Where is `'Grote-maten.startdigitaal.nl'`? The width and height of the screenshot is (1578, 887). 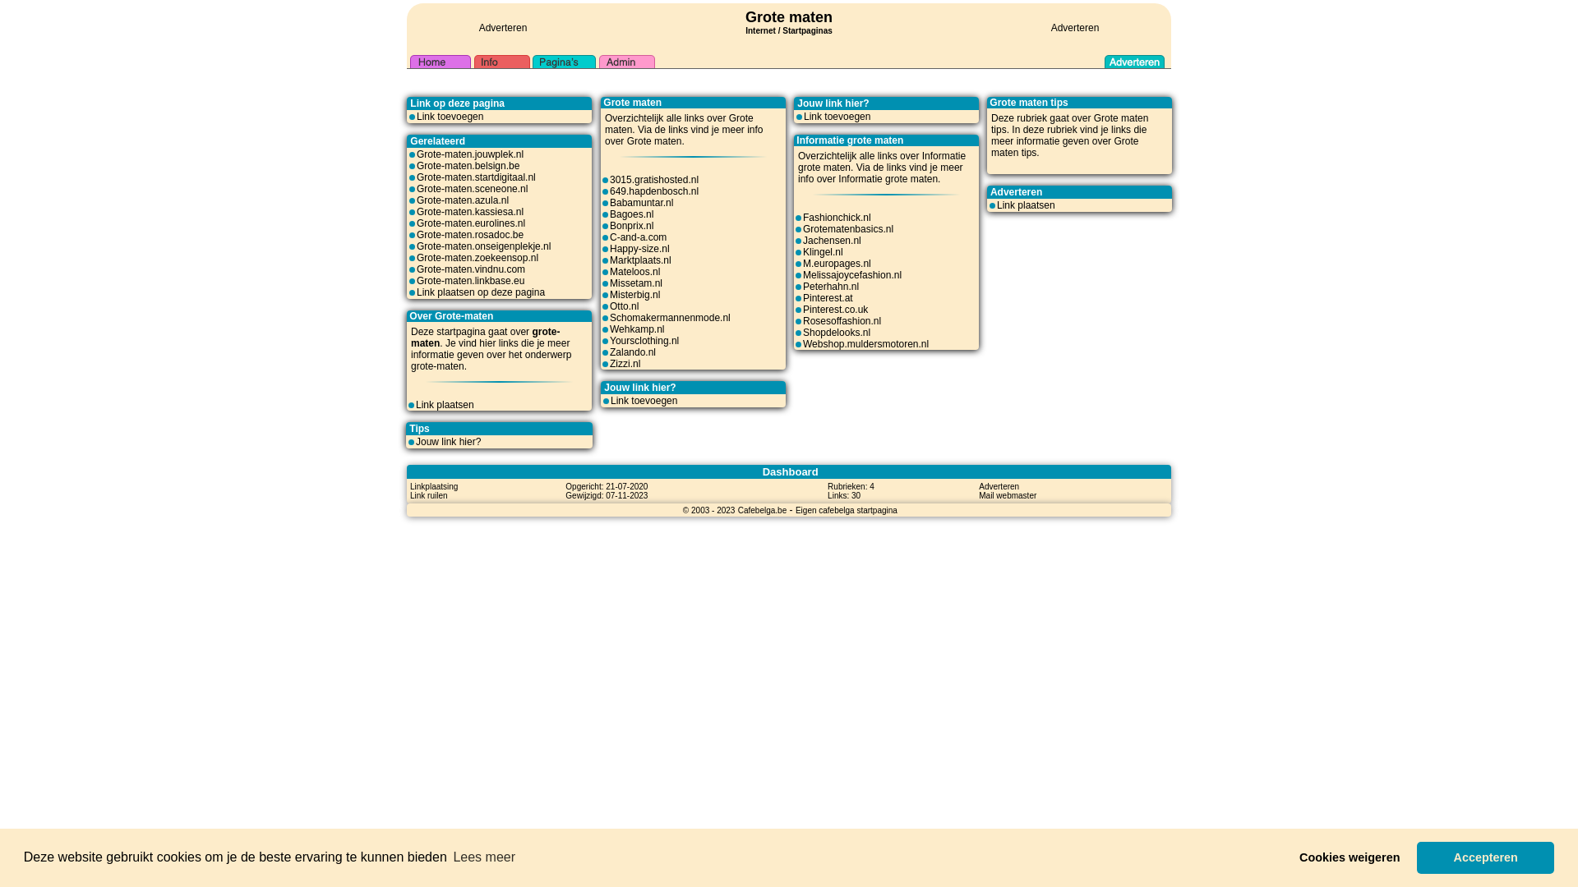 'Grote-maten.startdigitaal.nl' is located at coordinates (475, 177).